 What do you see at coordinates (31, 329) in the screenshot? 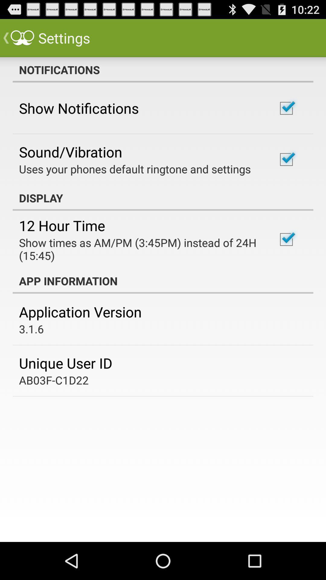
I see `the app above the unique user id` at bounding box center [31, 329].